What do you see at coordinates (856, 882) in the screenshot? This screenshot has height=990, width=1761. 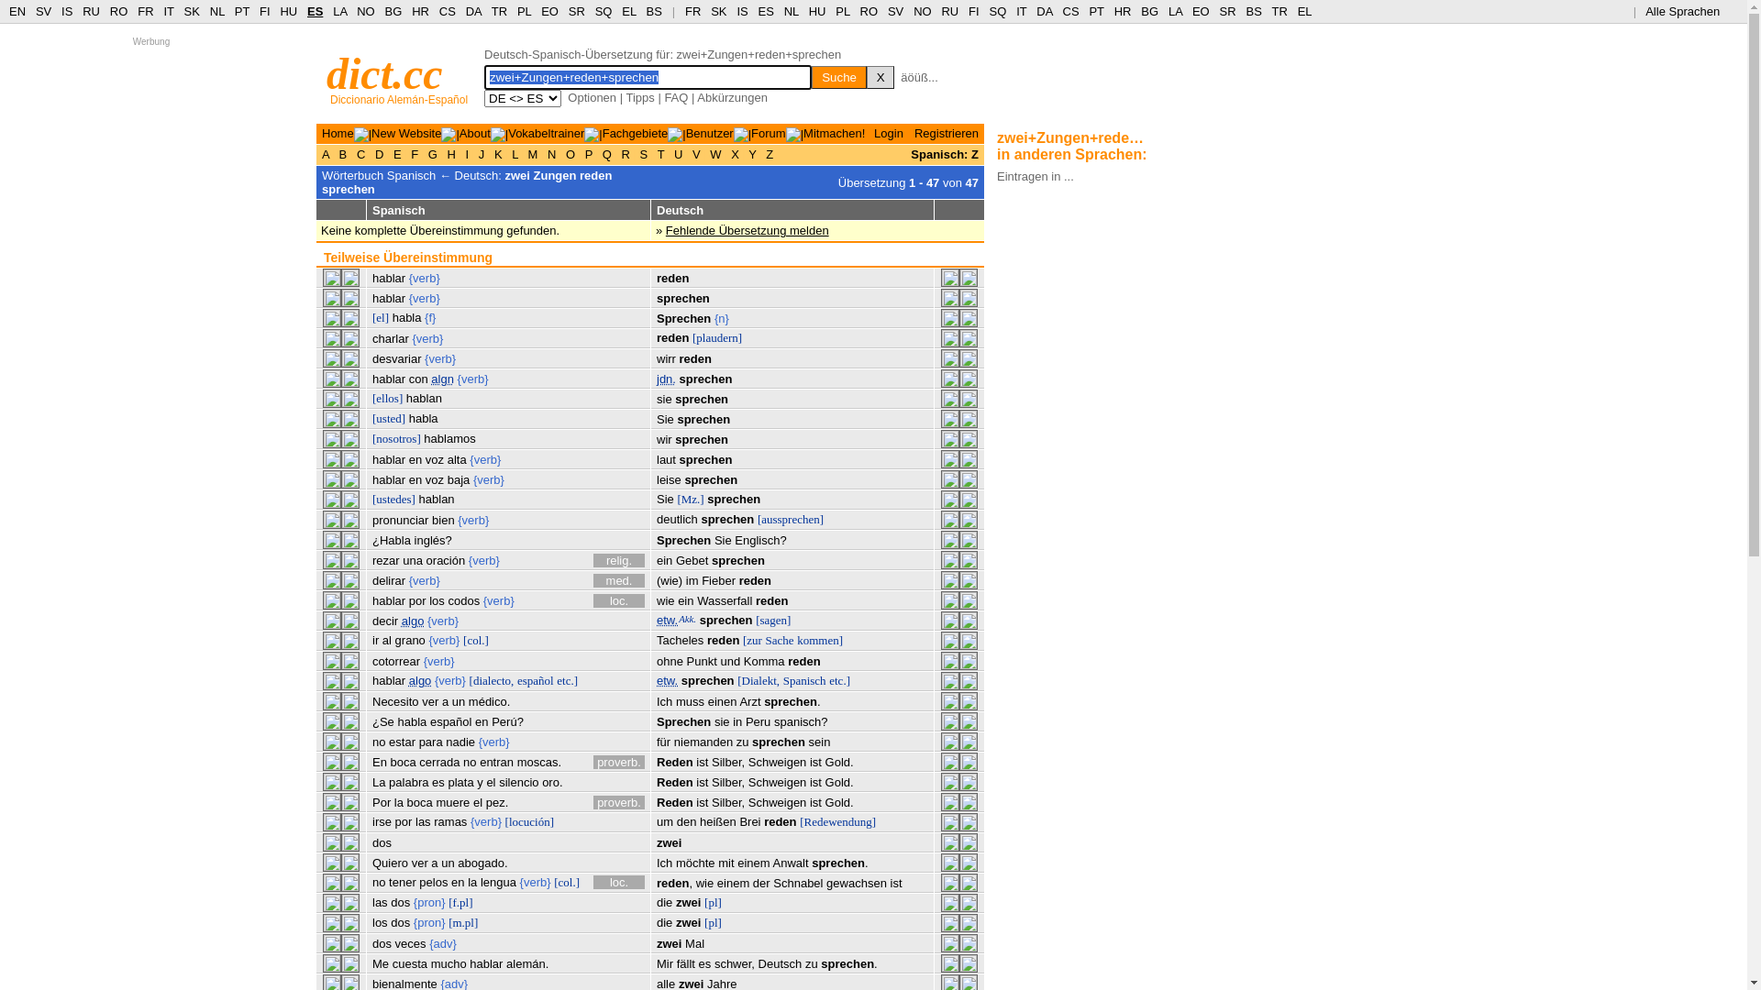 I see `'gewachsen'` at bounding box center [856, 882].